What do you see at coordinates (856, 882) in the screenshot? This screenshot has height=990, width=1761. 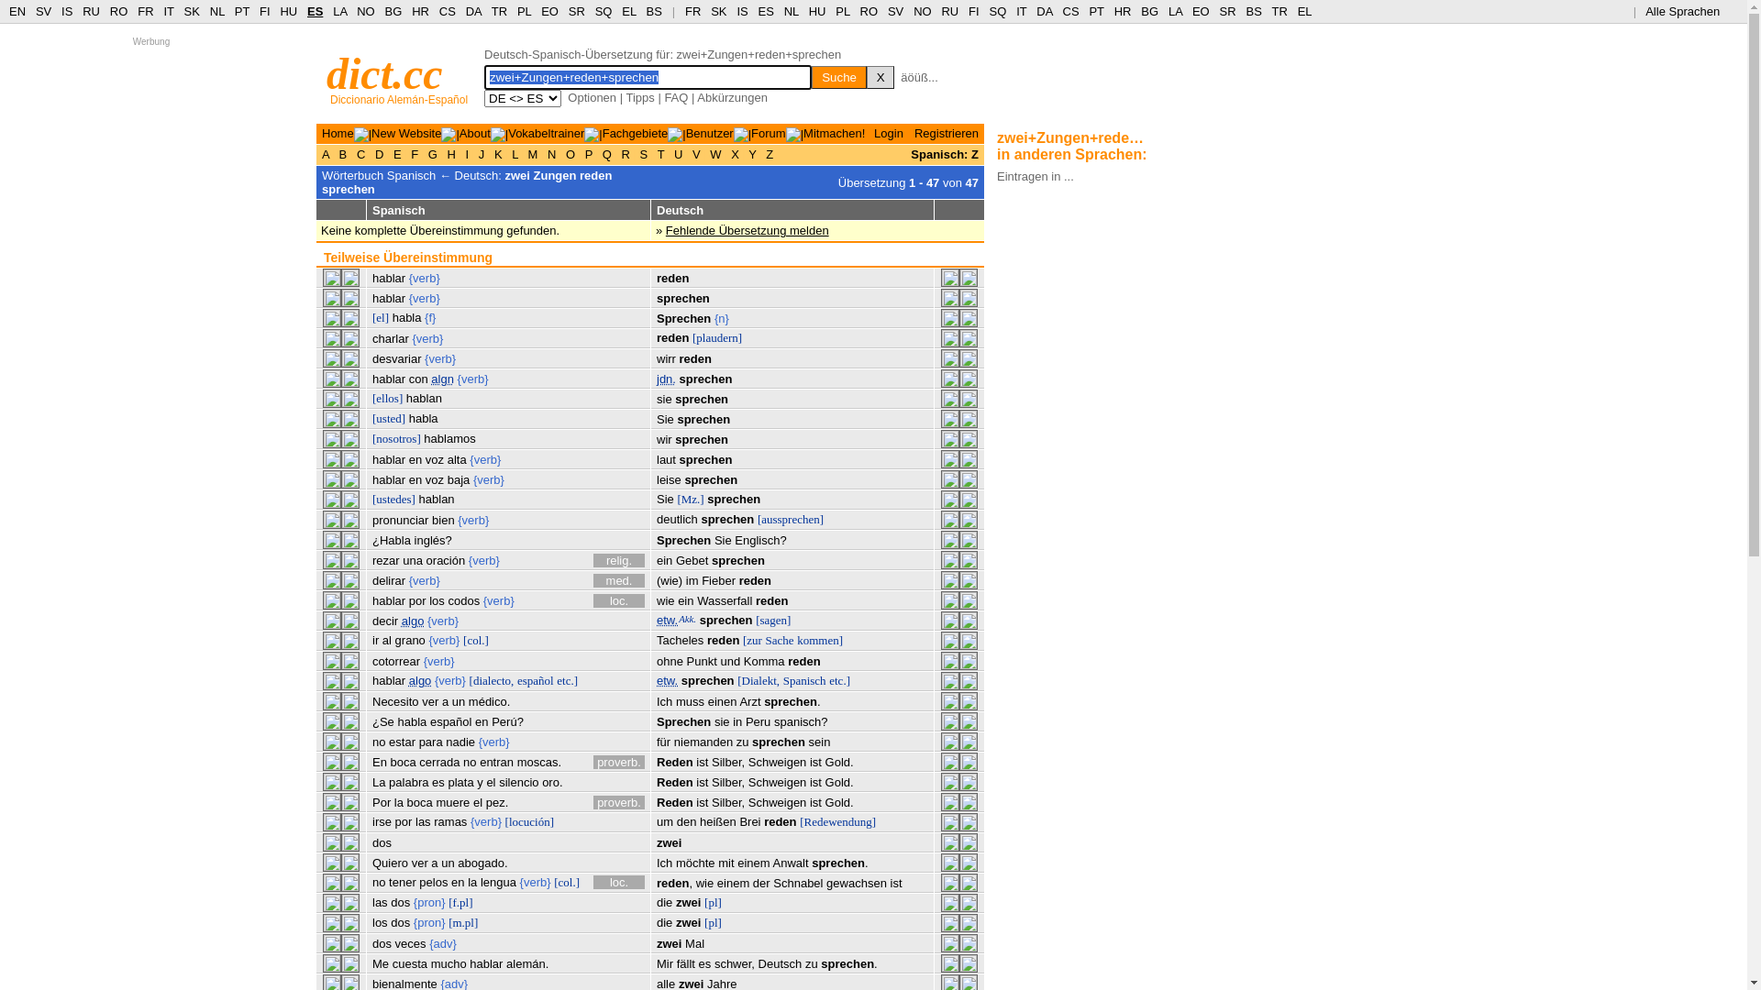 I see `'gewachsen'` at bounding box center [856, 882].